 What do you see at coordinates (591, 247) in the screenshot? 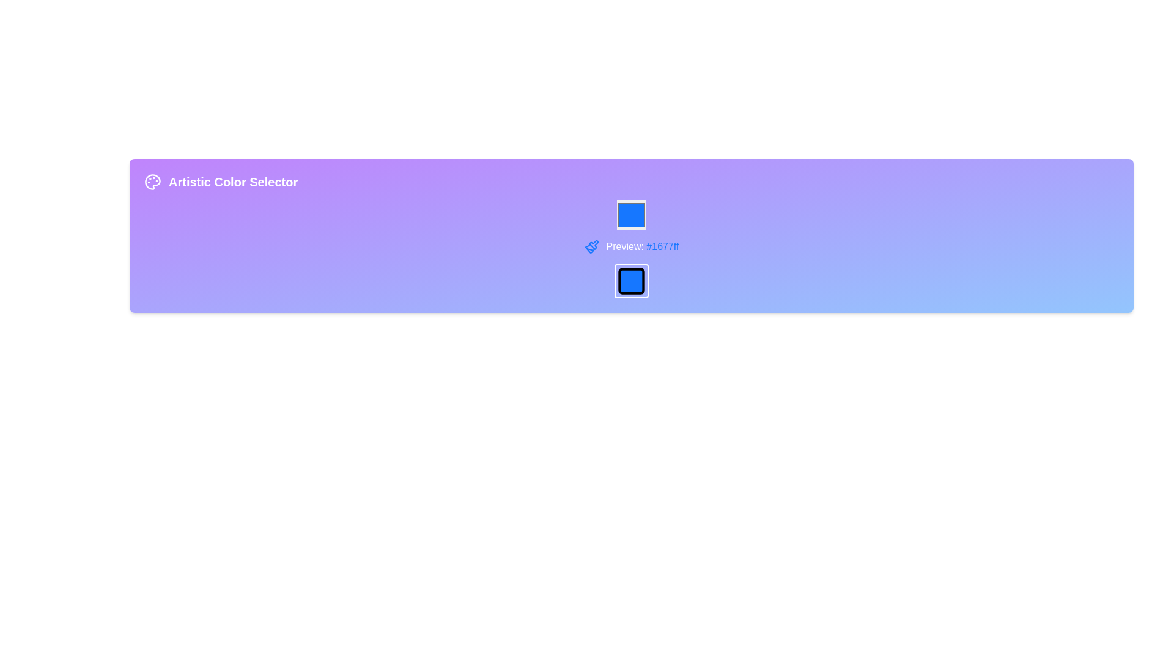
I see `the blue paintbrush icon located to the left of the label 'Preview: #1677ff'` at bounding box center [591, 247].